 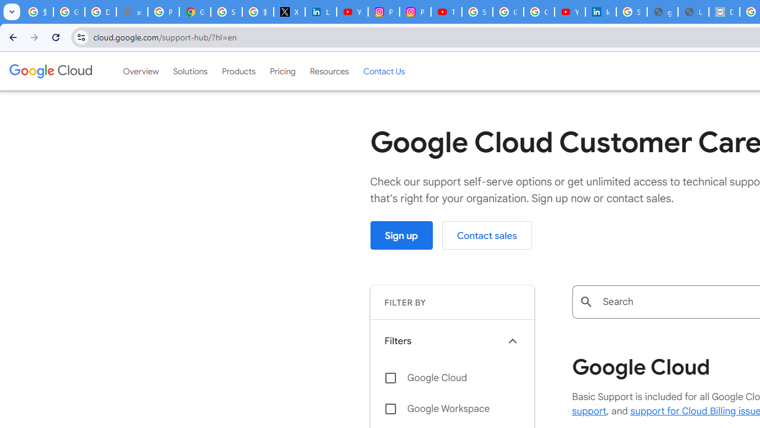 What do you see at coordinates (451, 377) in the screenshot?
I see `'Google Cloud'` at bounding box center [451, 377].